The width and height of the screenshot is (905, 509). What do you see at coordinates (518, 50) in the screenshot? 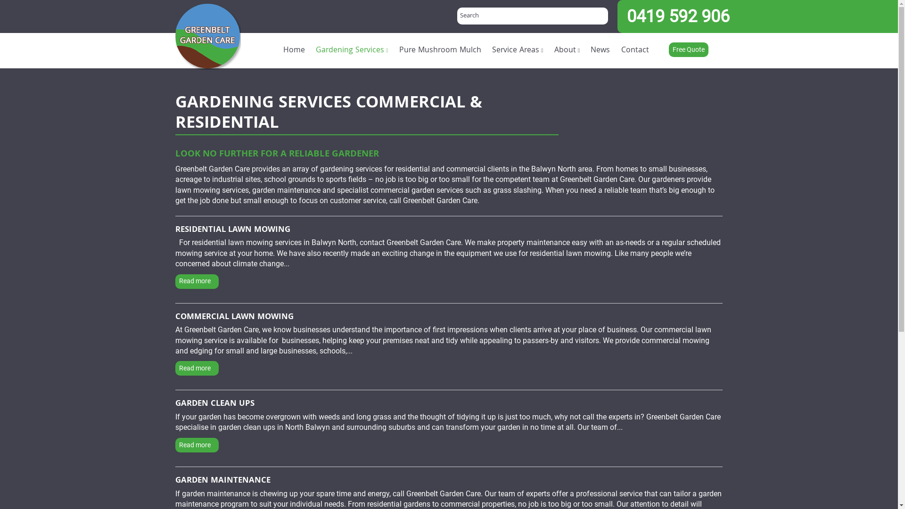
I see `'Service Areas'` at bounding box center [518, 50].